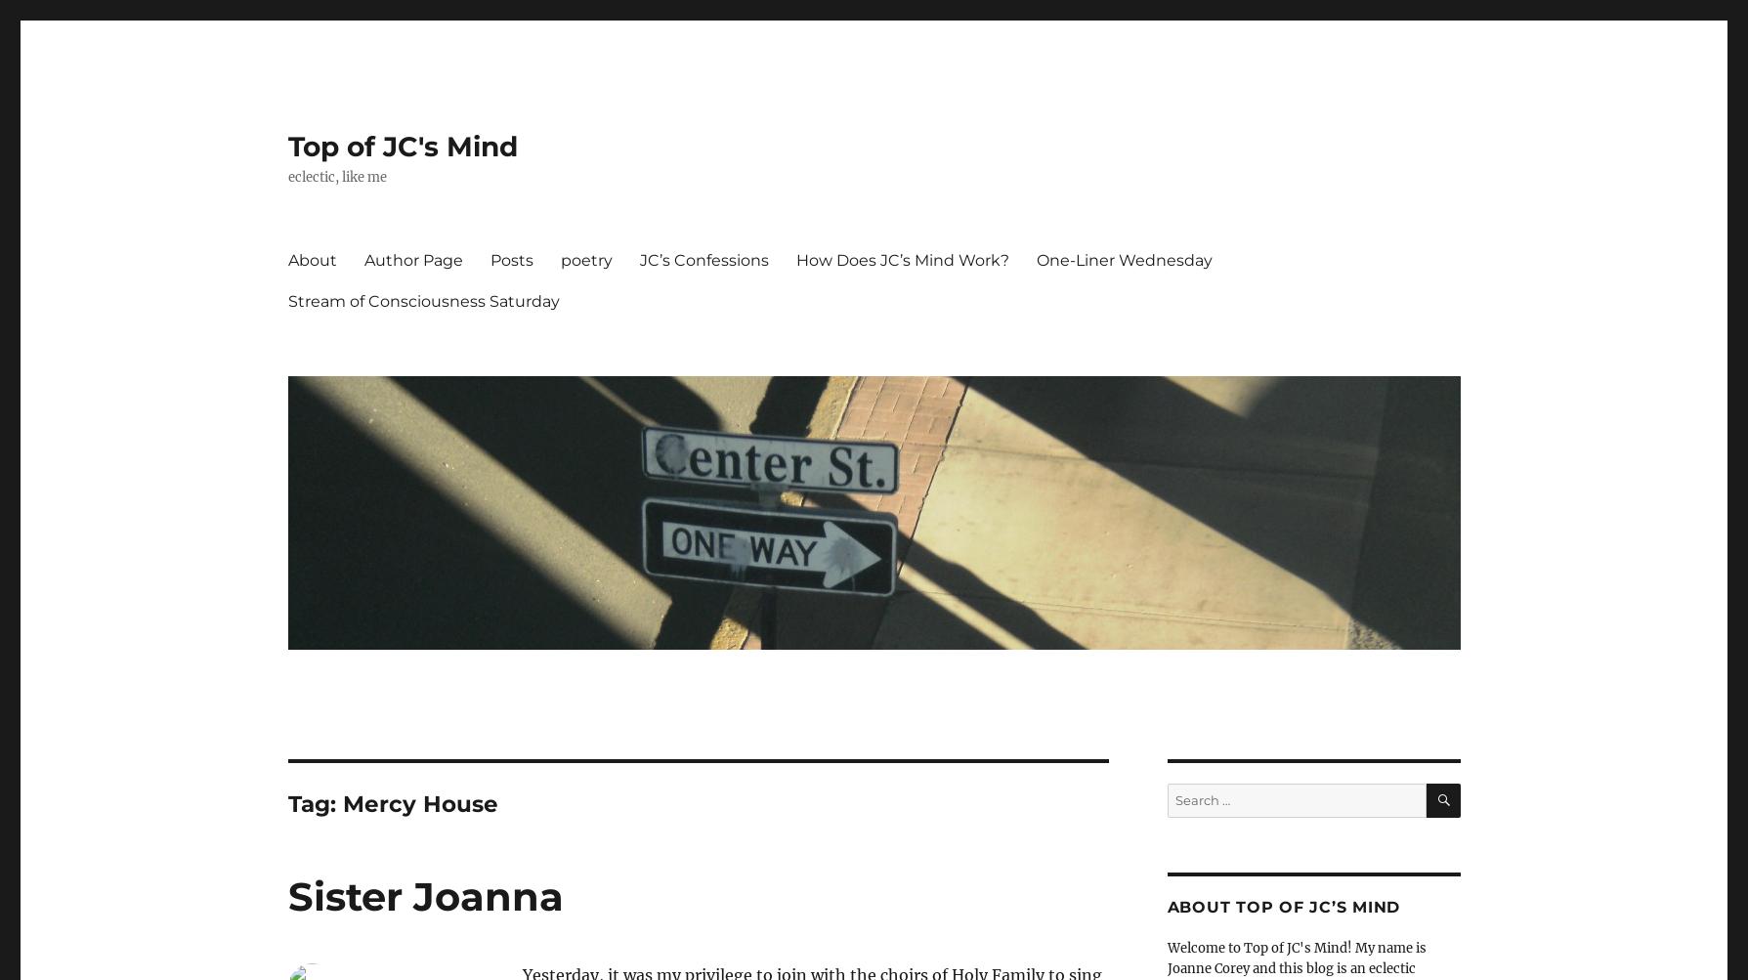 The height and width of the screenshot is (980, 1748). I want to click on 'Stream of Consciousness Saturday', so click(286, 299).